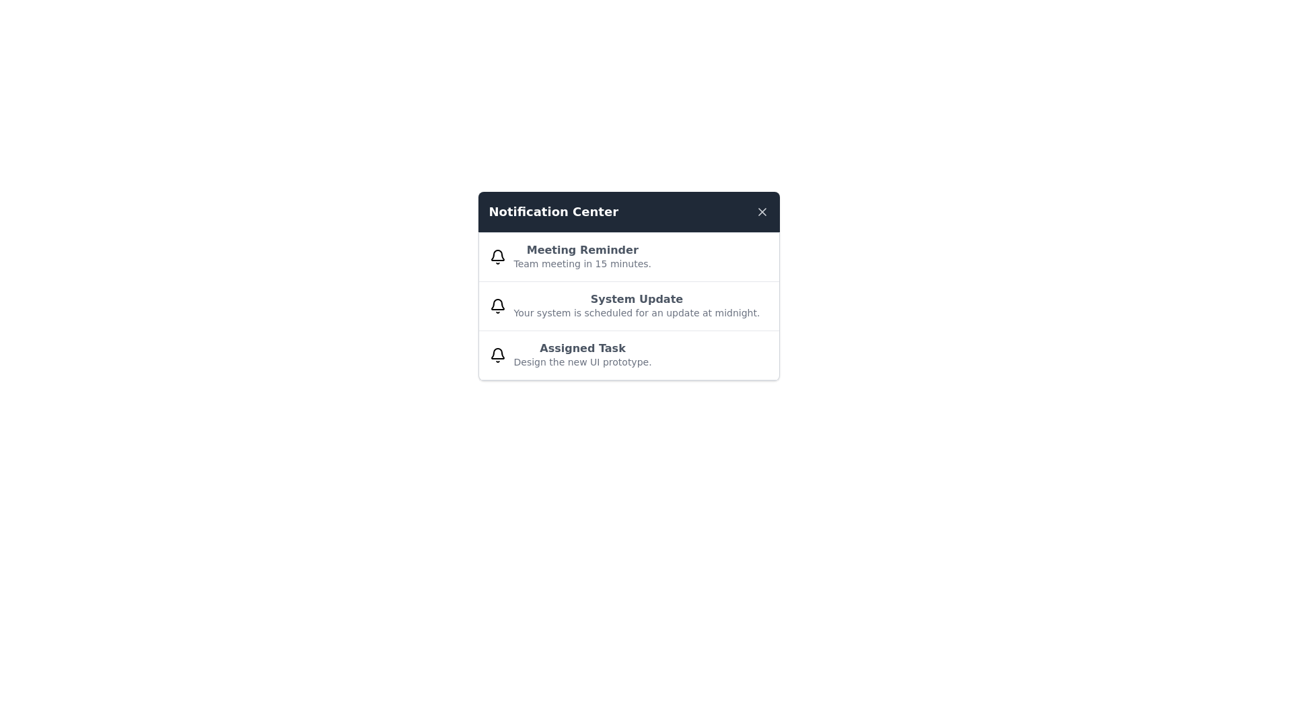 This screenshot has width=1292, height=727. What do you see at coordinates (583, 347) in the screenshot?
I see `text label that says 'Assigned Task', which is styled in bold gray typography and located within the third notification item in the 'Notification Center'` at bounding box center [583, 347].